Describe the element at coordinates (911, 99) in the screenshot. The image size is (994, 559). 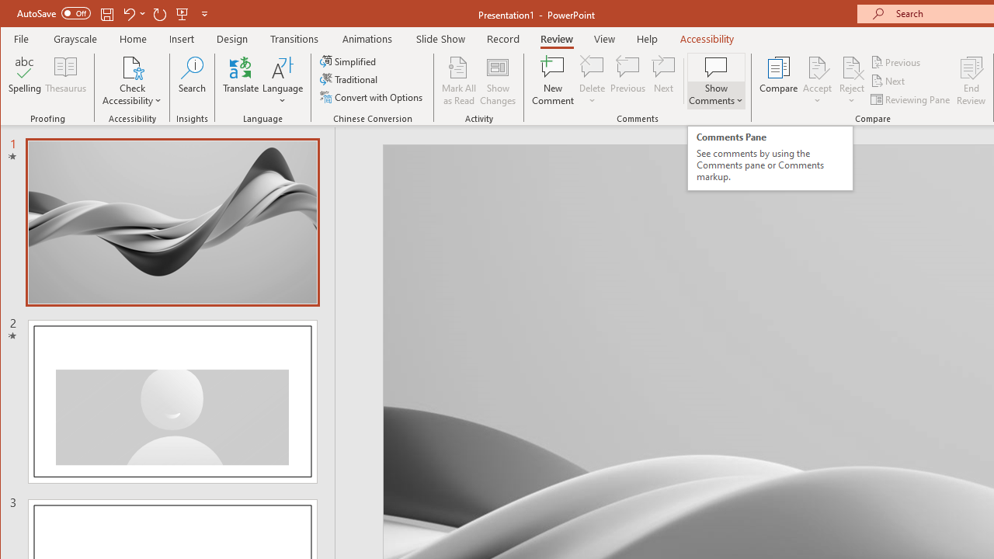
I see `'Reviewing Pane'` at that location.